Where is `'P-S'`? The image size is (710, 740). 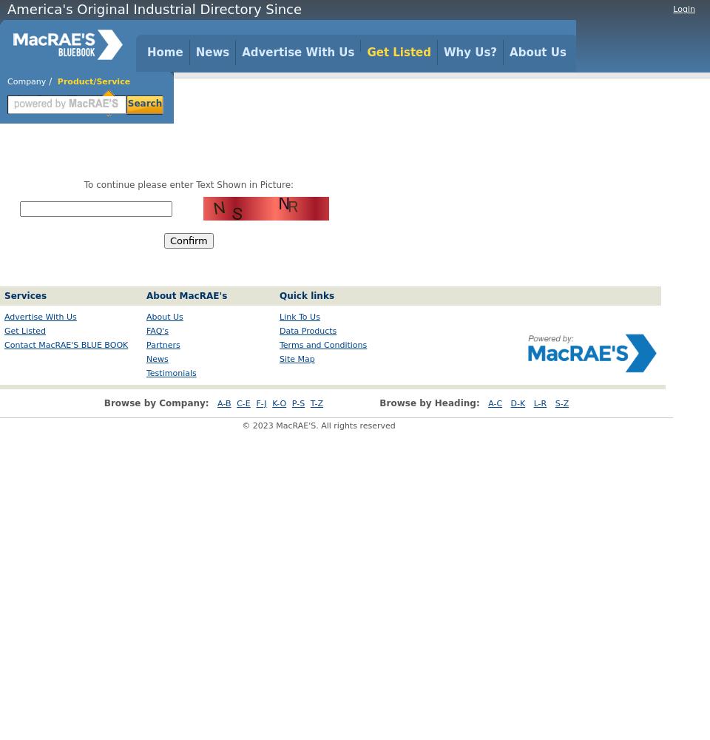
'P-S' is located at coordinates (297, 403).